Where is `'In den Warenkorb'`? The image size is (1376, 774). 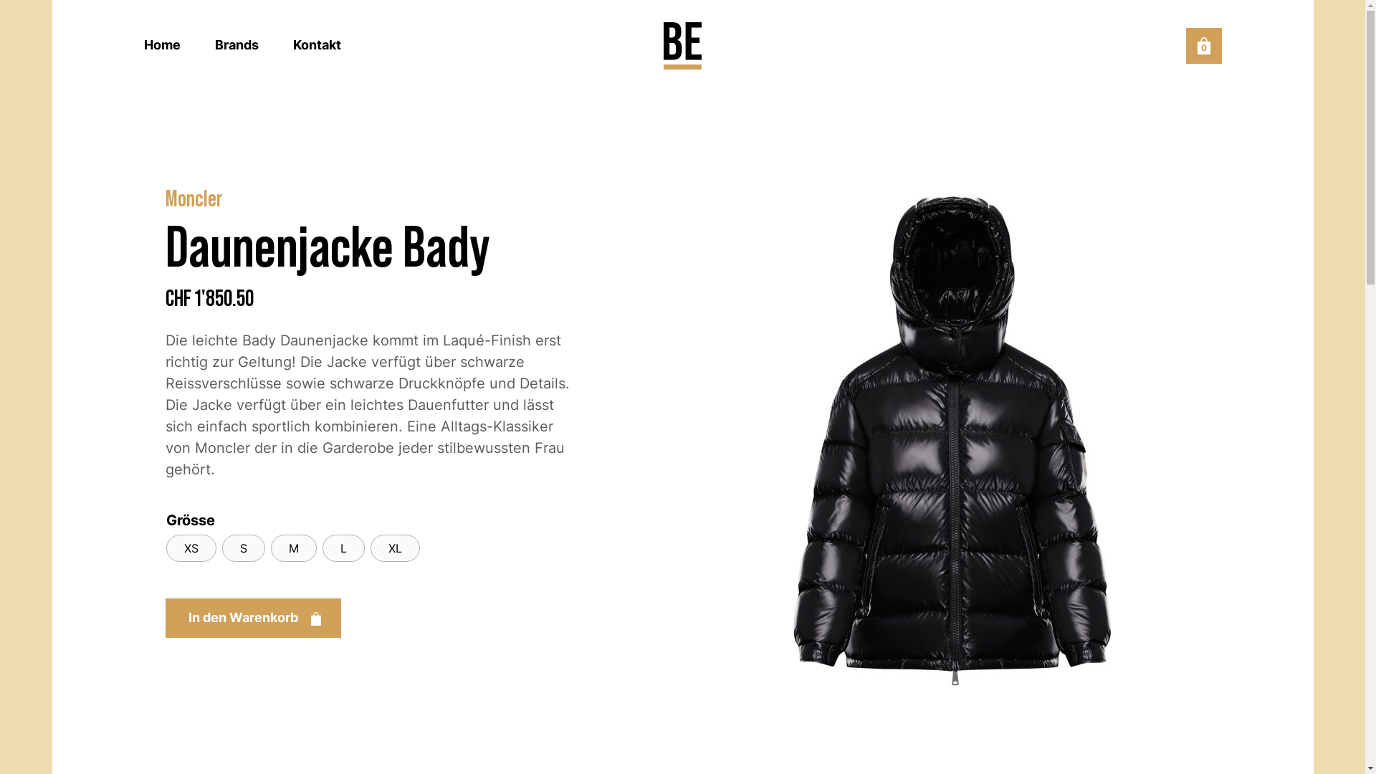 'In den Warenkorb' is located at coordinates (252, 617).